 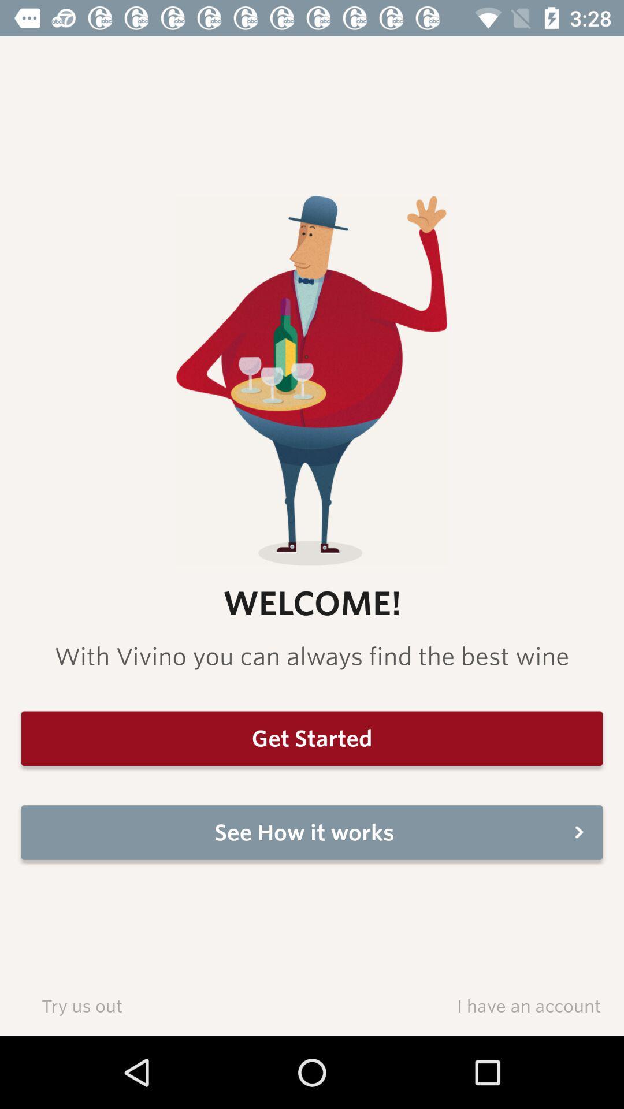 What do you see at coordinates (529, 1005) in the screenshot?
I see `item to the right of the try us out` at bounding box center [529, 1005].